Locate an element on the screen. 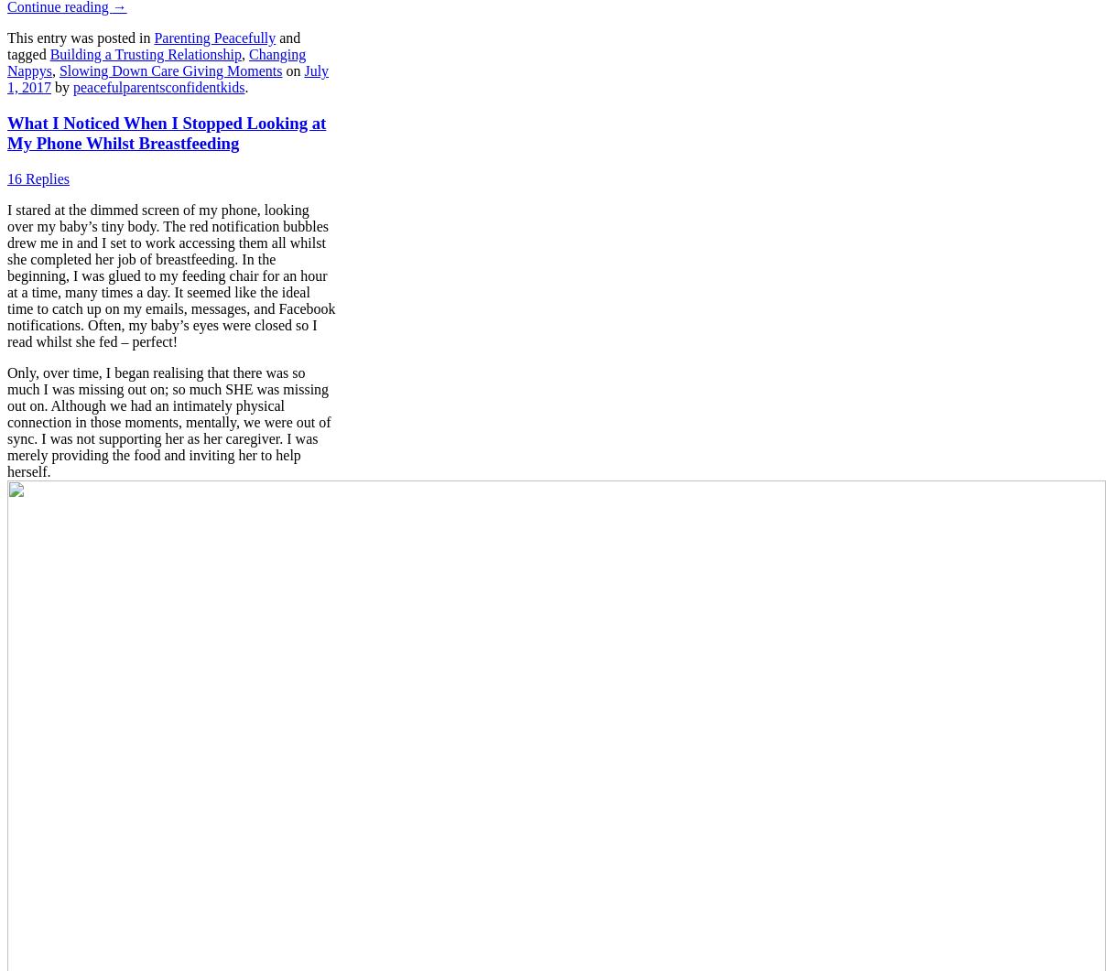 This screenshot has width=1106, height=971. '.' is located at coordinates (246, 87).